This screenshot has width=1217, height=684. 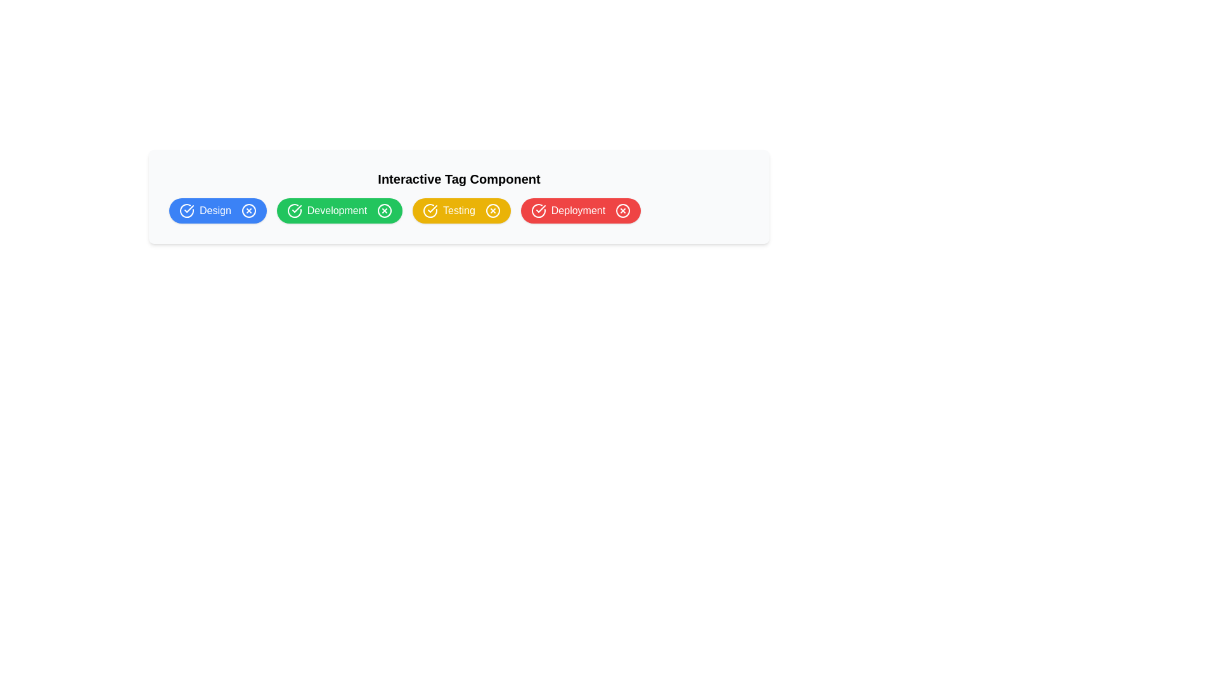 I want to click on the 'Design' button, which is the first in a horizontal list of four buttons labeled 'Design', 'Development', 'Testing', and 'Deployment', so click(x=217, y=210).